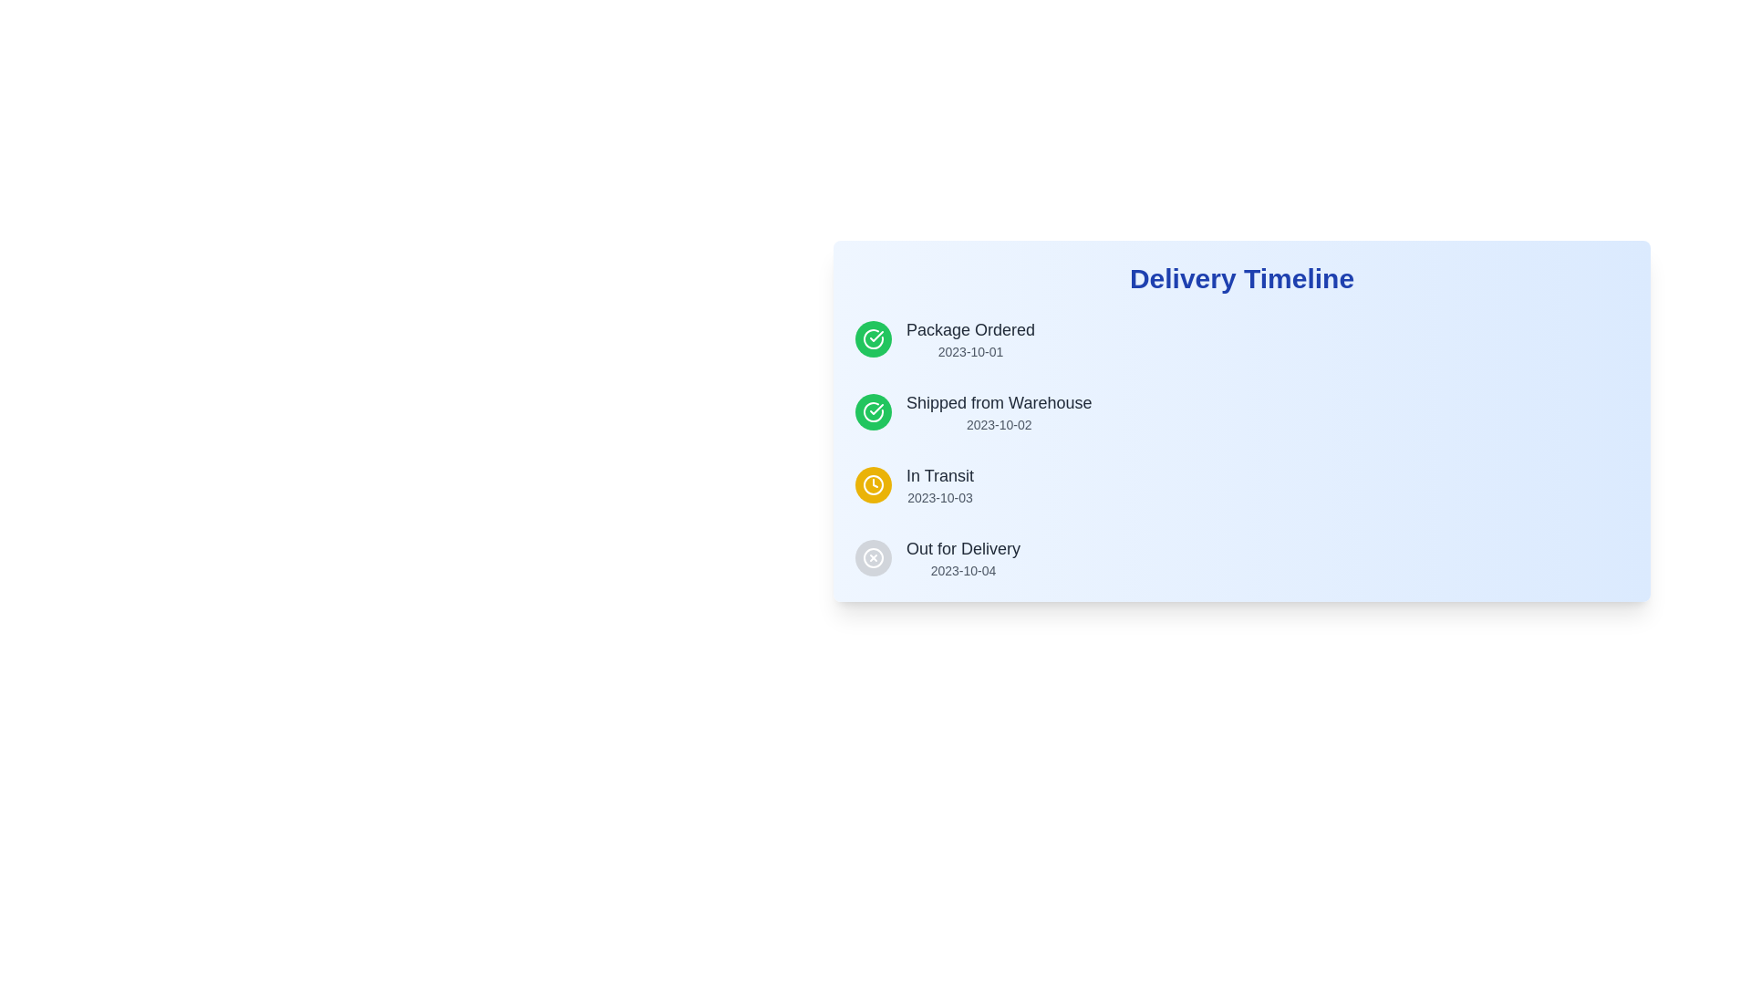 Image resolution: width=1751 pixels, height=985 pixels. What do you see at coordinates (940, 484) in the screenshot?
I see `the 'In Transit' text label that displays the date '2023-10-03' in the vertical timeline layout` at bounding box center [940, 484].